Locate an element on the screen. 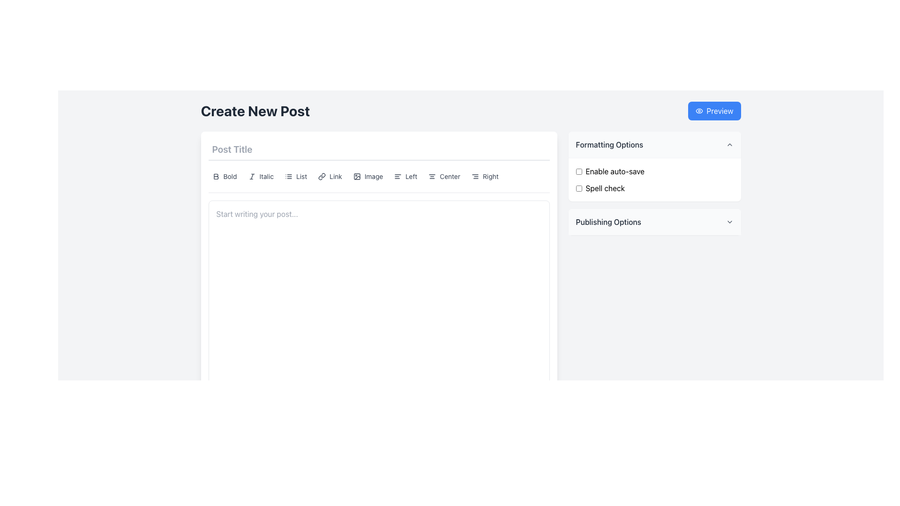  the right text alignment label in the formatting options of the post editor, located at the top section of the interface is located at coordinates (490, 177).